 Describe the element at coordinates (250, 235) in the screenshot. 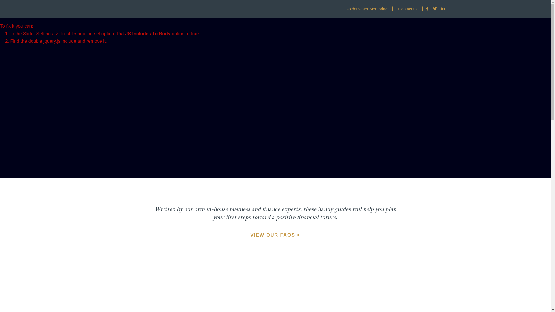

I see `'VIEW OUR FAQS >'` at that location.